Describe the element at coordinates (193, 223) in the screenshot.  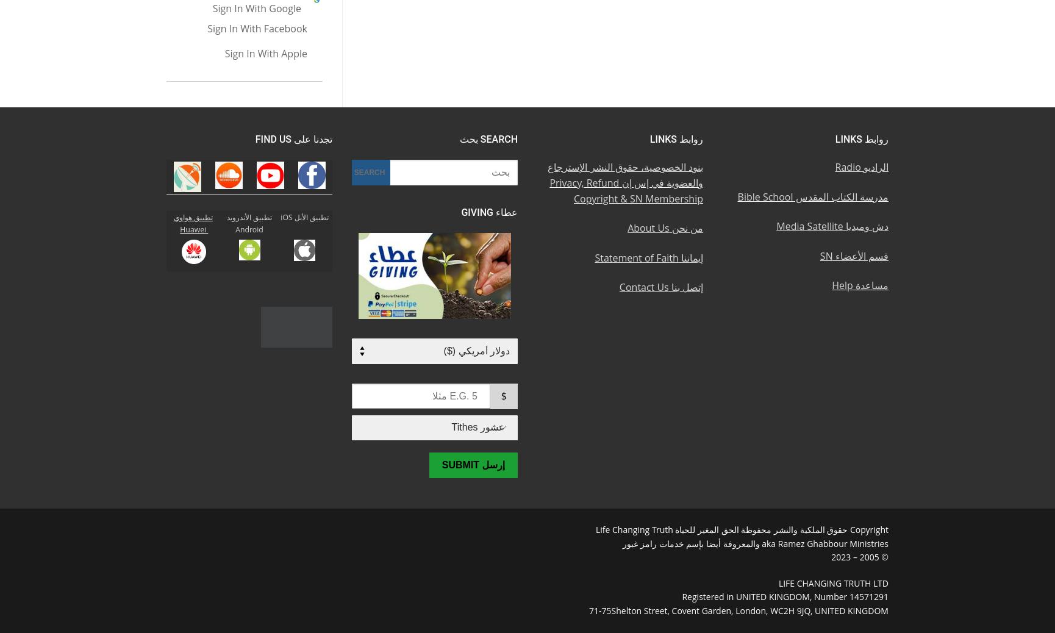
I see `'تطبيق هواوي  Huawei'` at that location.